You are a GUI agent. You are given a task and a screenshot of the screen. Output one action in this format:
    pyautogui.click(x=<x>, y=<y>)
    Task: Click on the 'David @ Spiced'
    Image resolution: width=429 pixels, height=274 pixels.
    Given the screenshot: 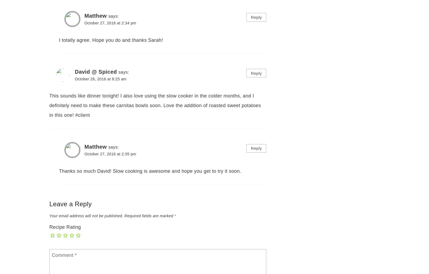 What is the action you would take?
    pyautogui.click(x=75, y=72)
    